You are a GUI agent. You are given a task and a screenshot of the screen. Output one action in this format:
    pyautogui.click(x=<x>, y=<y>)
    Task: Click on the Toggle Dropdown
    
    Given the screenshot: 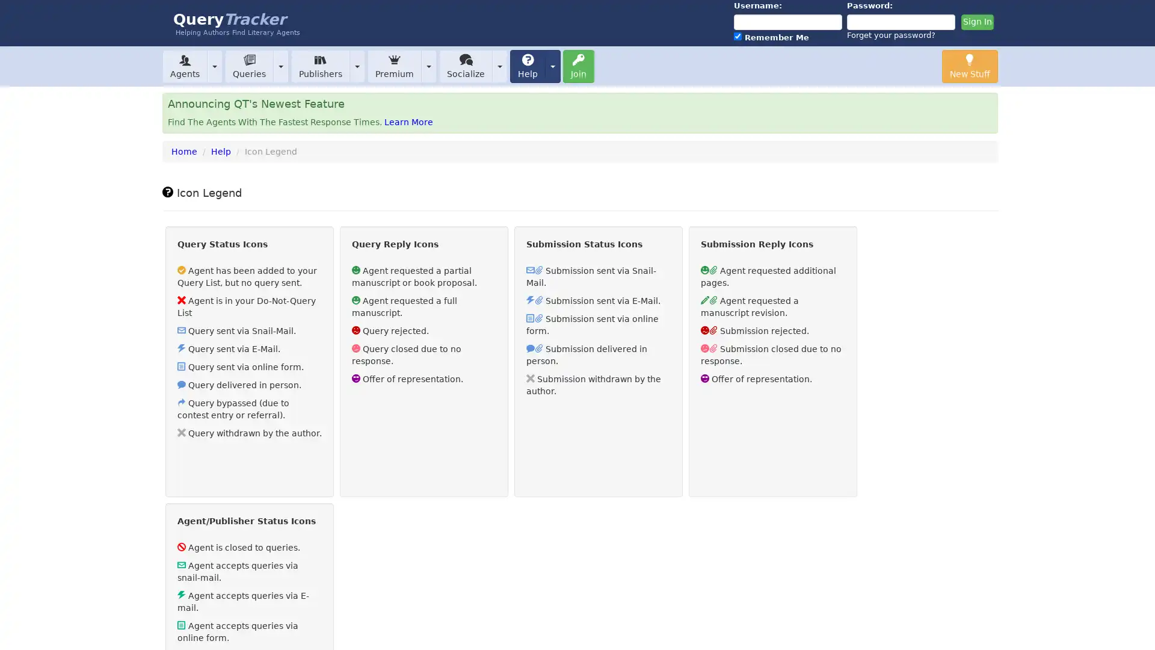 What is the action you would take?
    pyautogui.click(x=429, y=66)
    